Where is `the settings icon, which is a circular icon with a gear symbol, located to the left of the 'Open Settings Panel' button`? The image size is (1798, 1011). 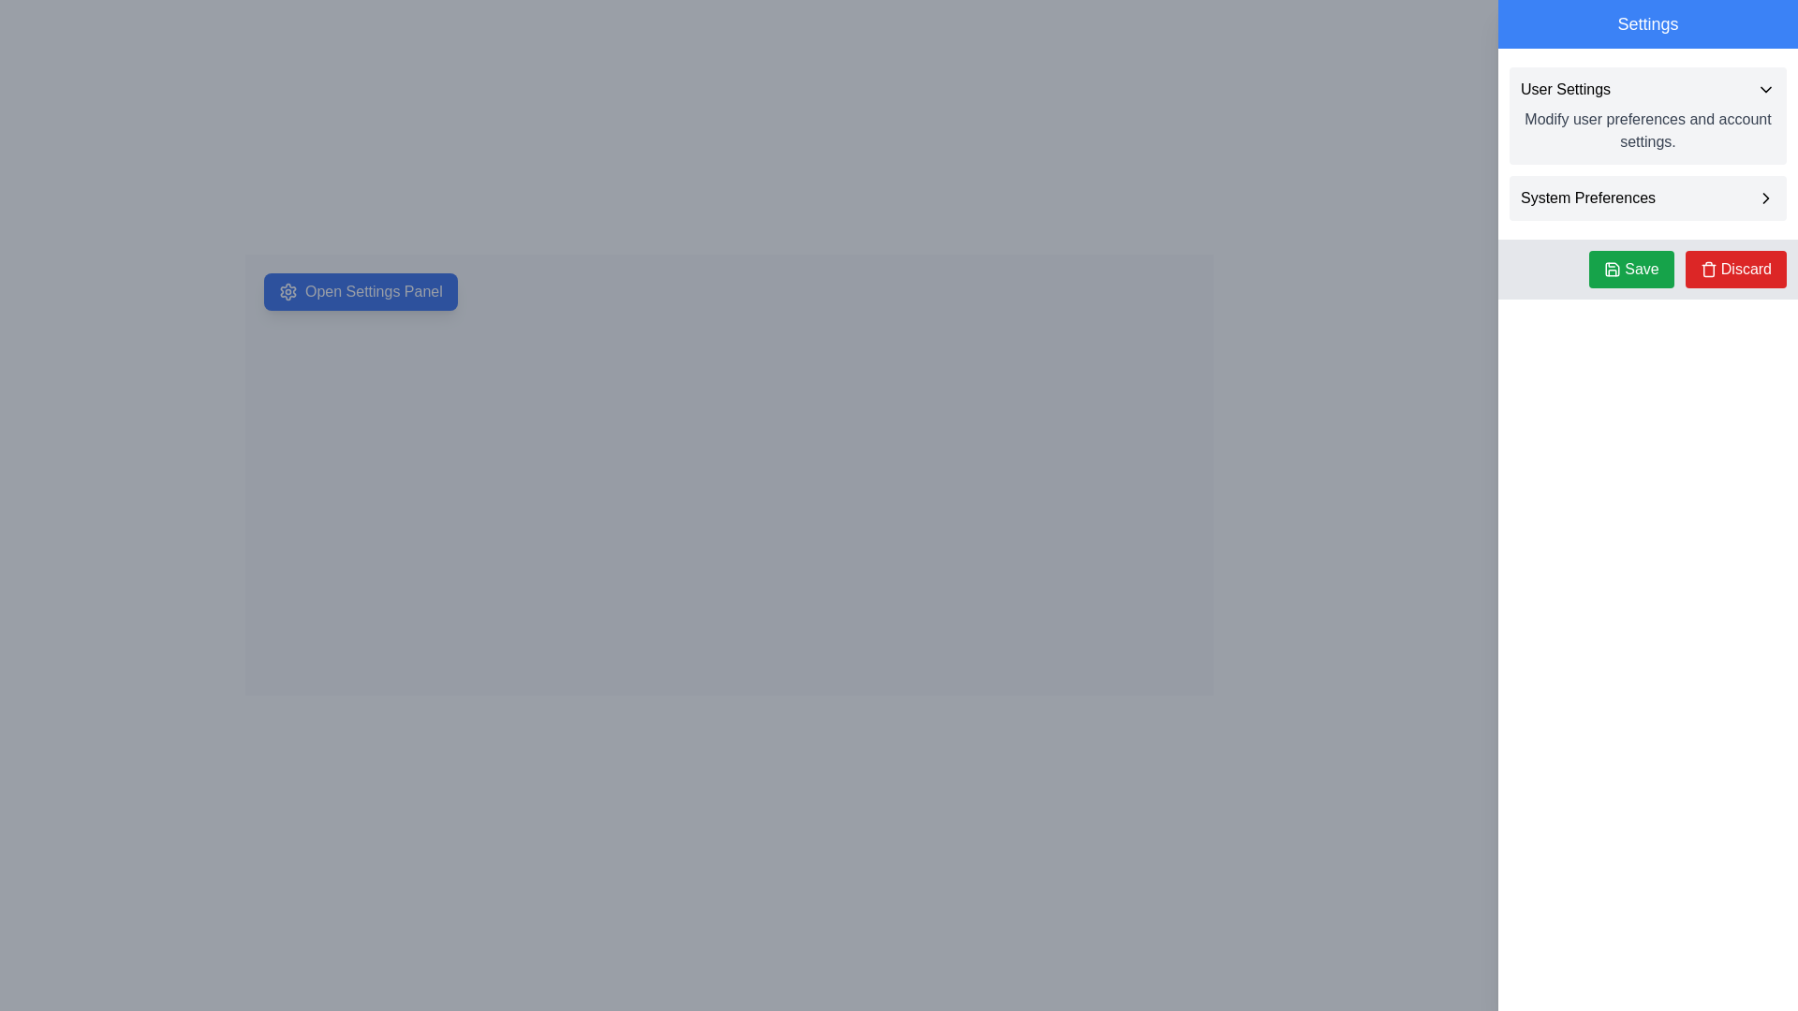
the settings icon, which is a circular icon with a gear symbol, located to the left of the 'Open Settings Panel' button is located at coordinates (287, 292).